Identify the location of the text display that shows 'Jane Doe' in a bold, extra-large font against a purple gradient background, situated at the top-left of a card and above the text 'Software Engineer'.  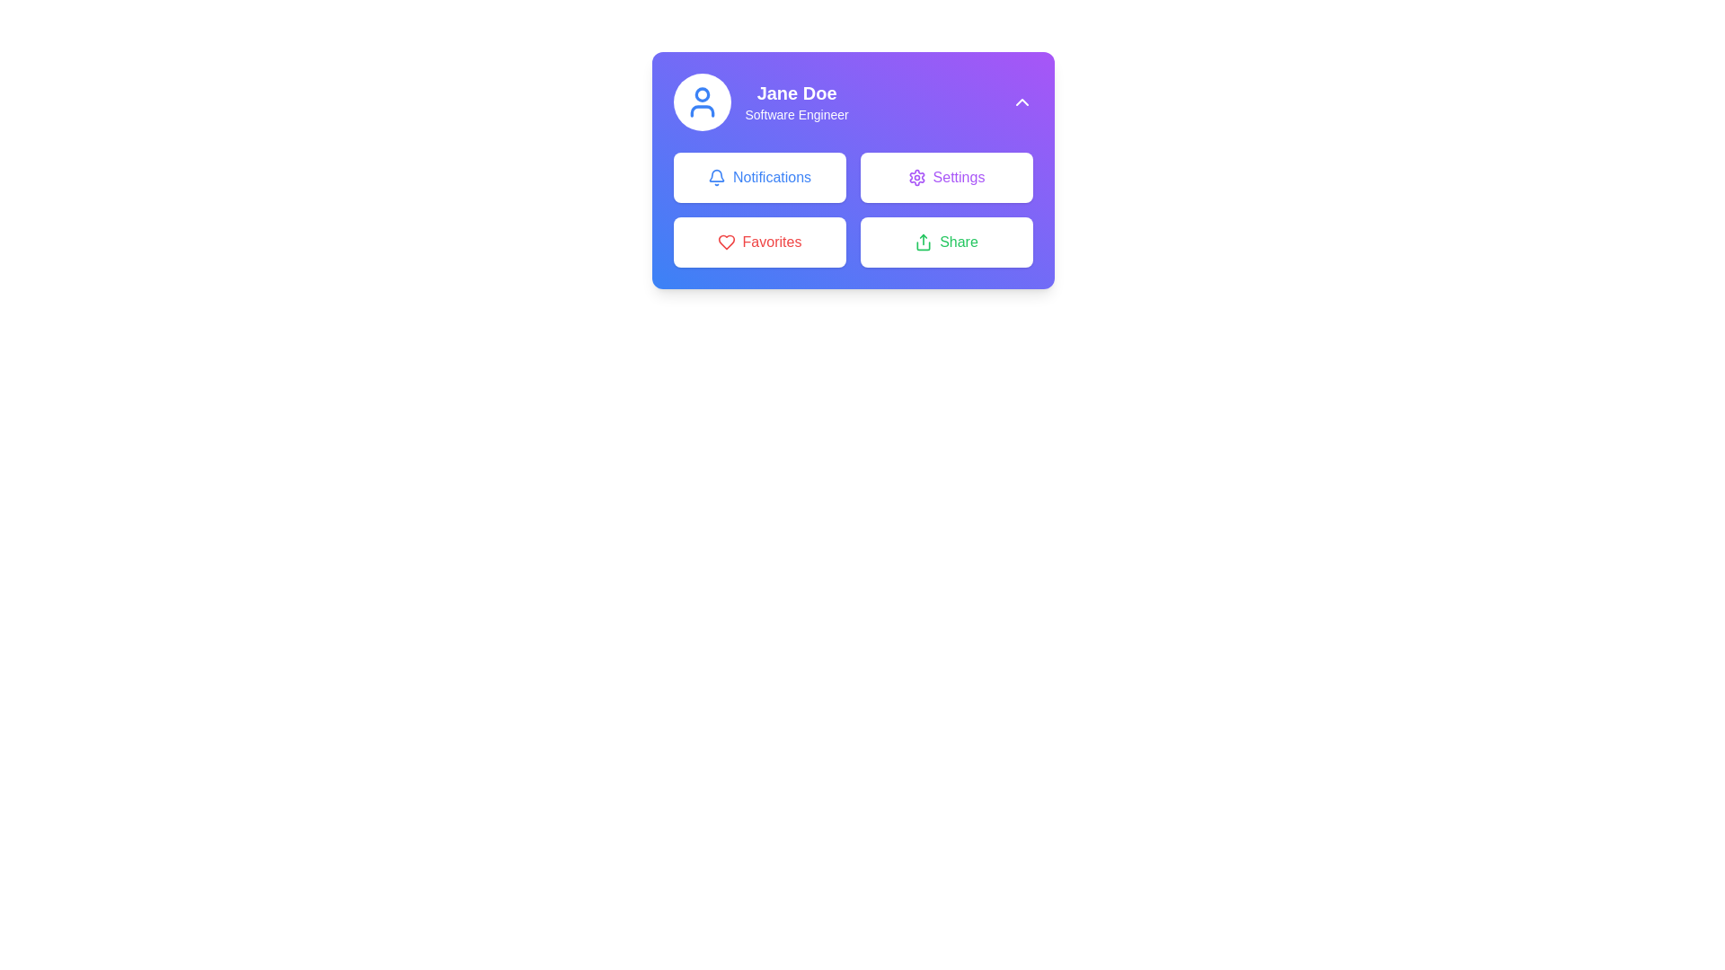
(796, 93).